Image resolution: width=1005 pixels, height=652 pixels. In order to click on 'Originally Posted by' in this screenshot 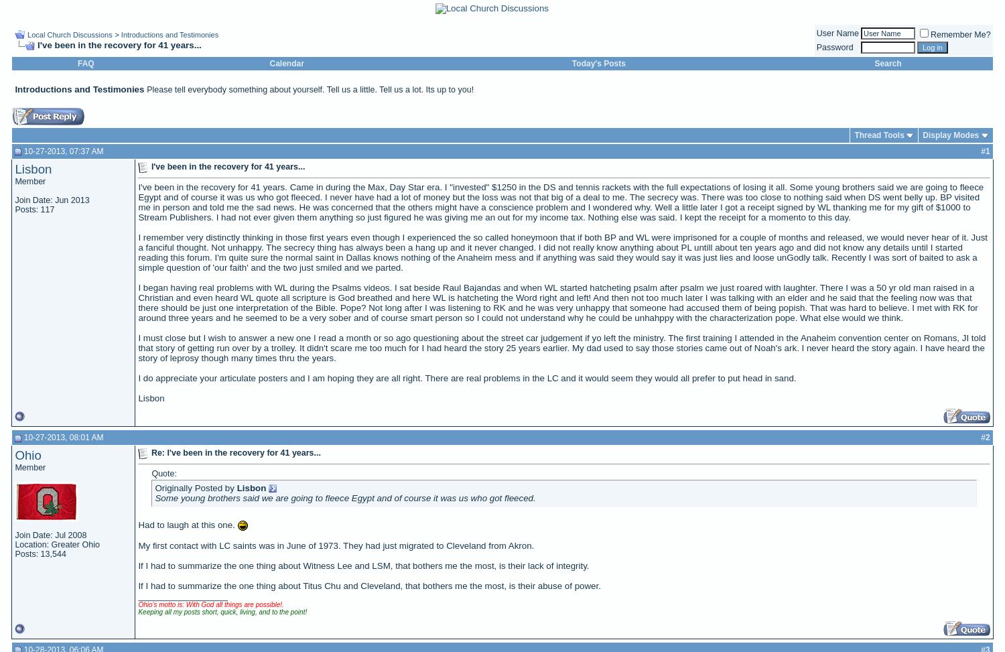, I will do `click(196, 487)`.